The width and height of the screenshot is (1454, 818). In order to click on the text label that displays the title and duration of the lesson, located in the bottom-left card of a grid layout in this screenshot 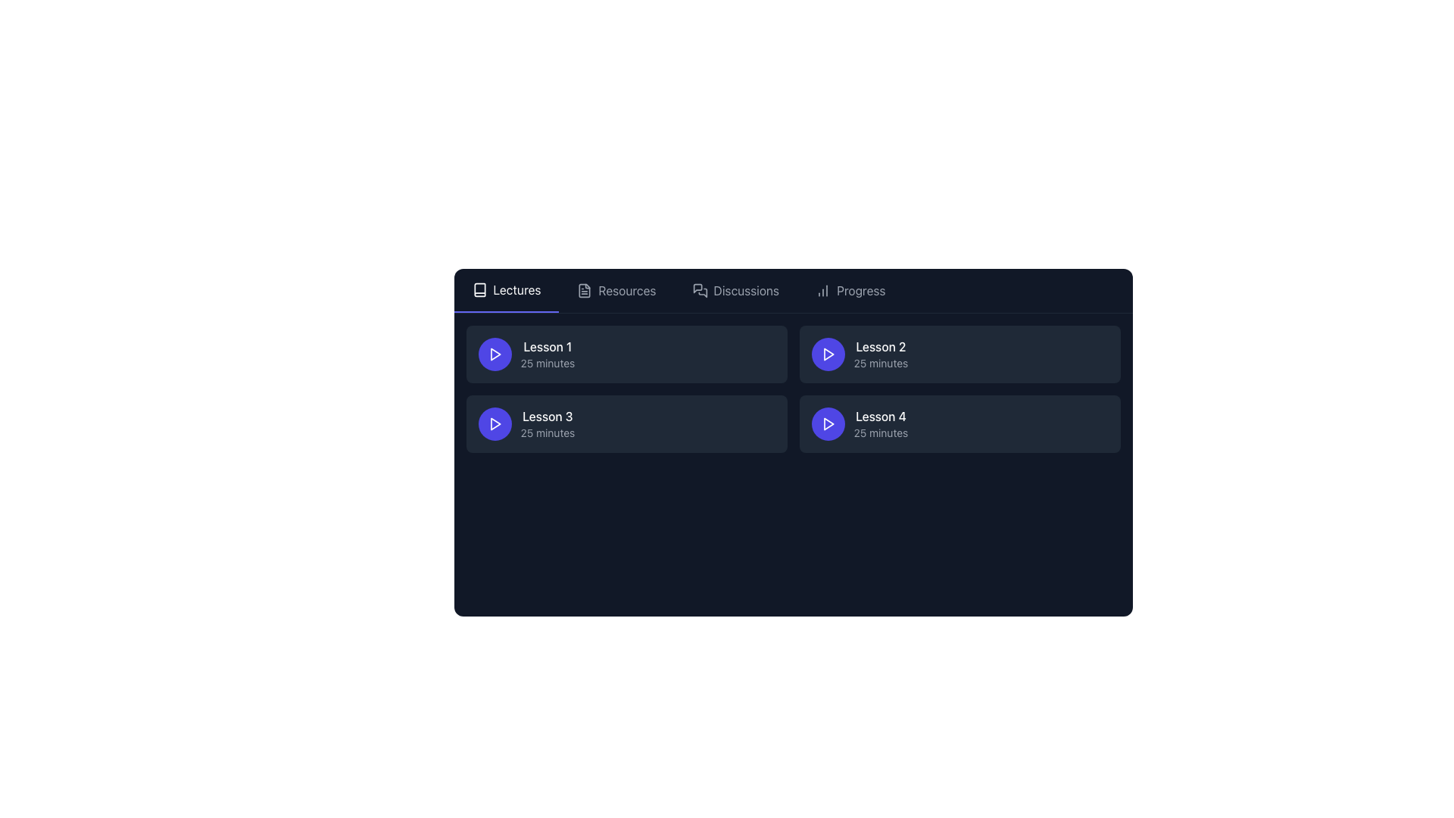, I will do `click(547, 423)`.